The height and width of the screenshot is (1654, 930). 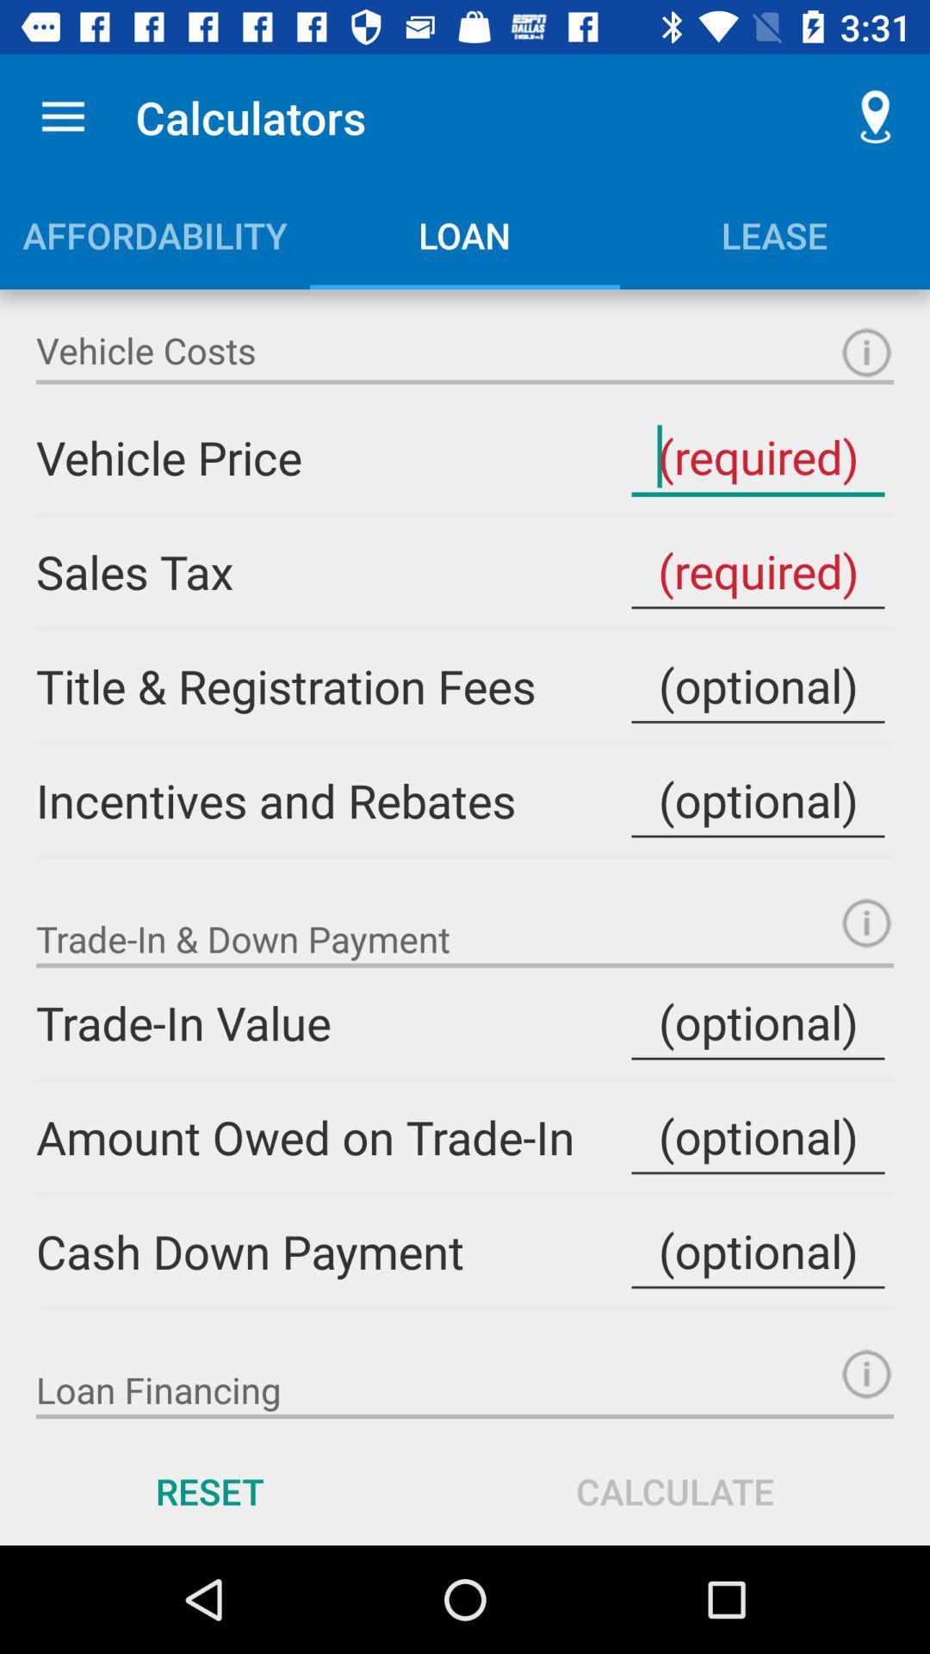 I want to click on vehicle price, so click(x=757, y=457).